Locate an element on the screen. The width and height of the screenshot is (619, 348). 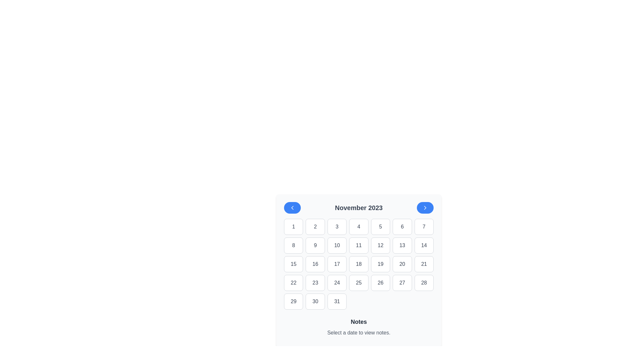
the date '26' button is located at coordinates (380, 283).